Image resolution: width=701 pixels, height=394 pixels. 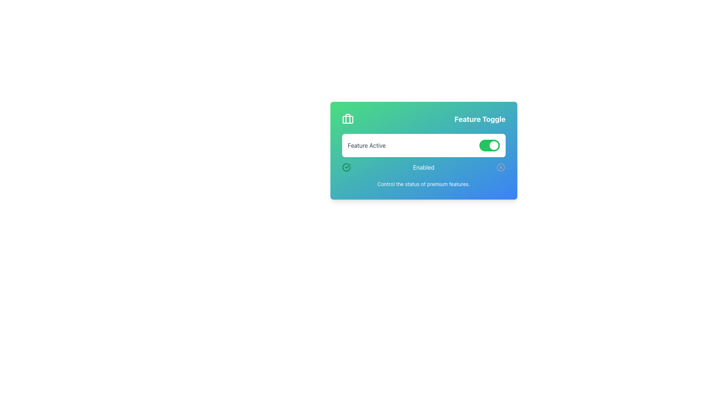 What do you see at coordinates (347, 166) in the screenshot?
I see `the green checkmark icon which is visually contained within a circular boundary` at bounding box center [347, 166].